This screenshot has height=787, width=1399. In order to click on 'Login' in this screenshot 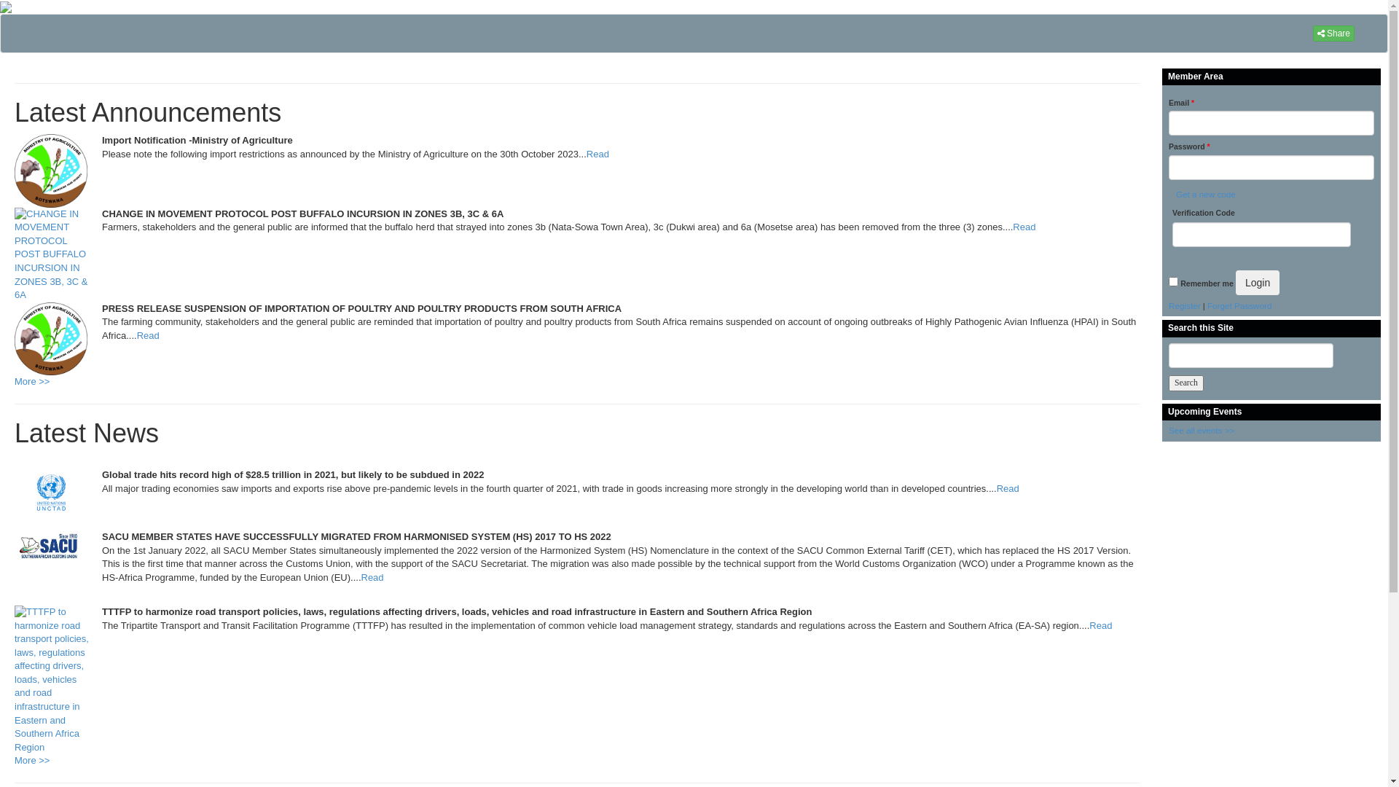, I will do `click(1234, 283)`.